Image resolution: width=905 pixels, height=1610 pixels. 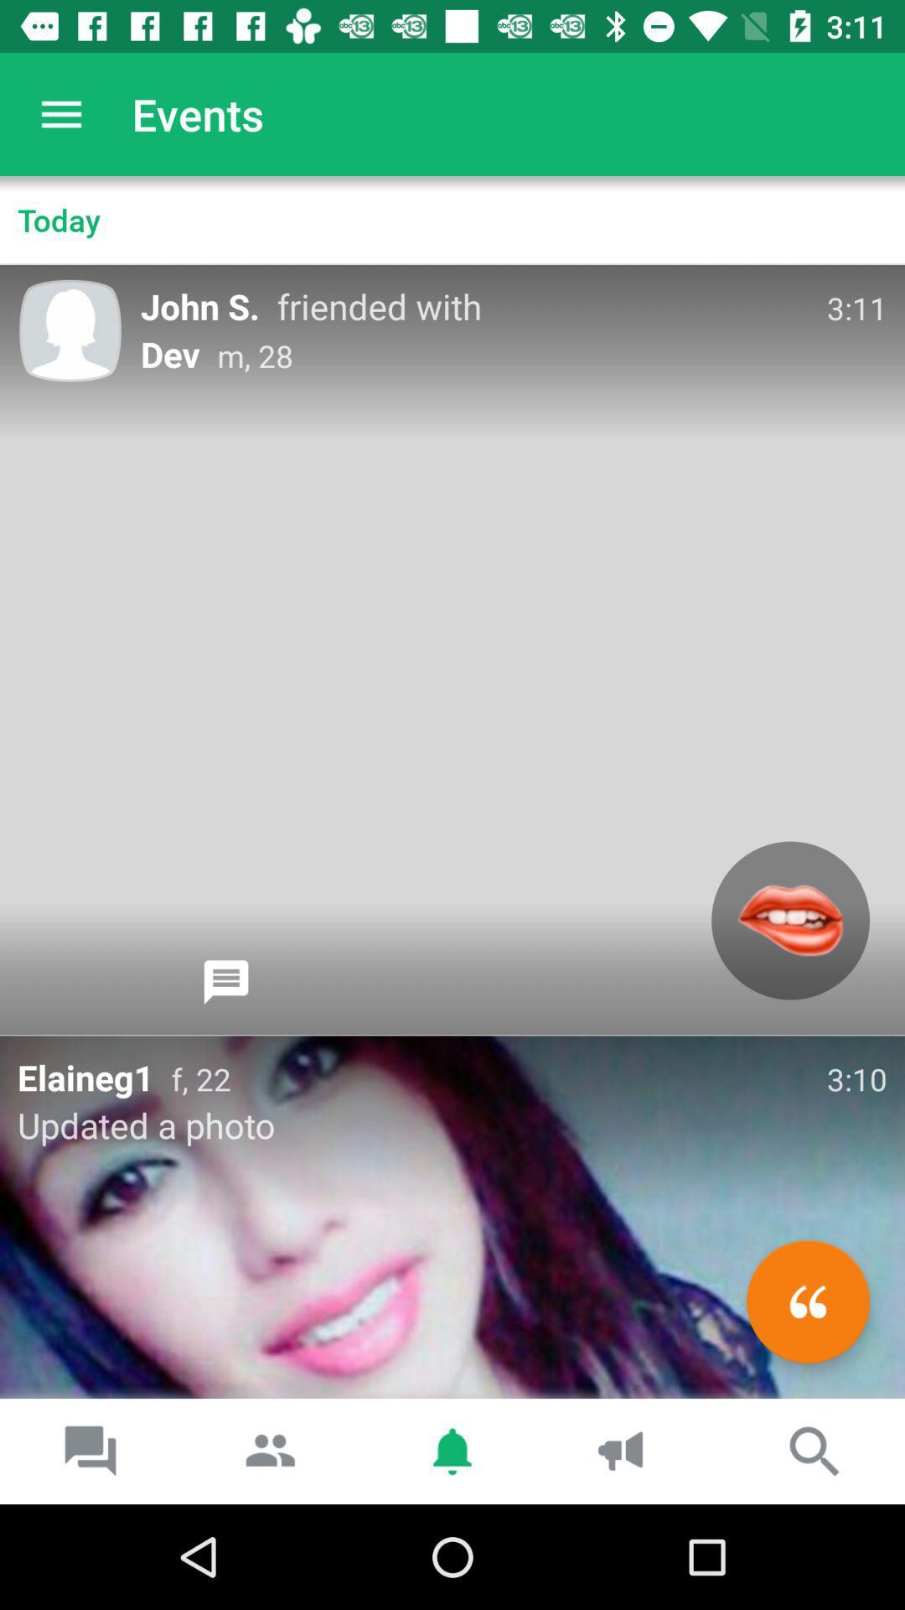 What do you see at coordinates (226, 982) in the screenshot?
I see `open chat` at bounding box center [226, 982].